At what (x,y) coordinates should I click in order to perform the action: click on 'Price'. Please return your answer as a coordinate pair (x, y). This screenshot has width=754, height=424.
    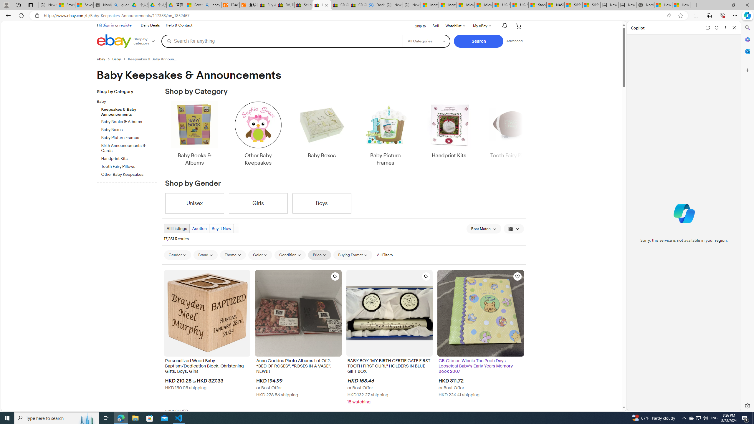
    Looking at the image, I should click on (319, 255).